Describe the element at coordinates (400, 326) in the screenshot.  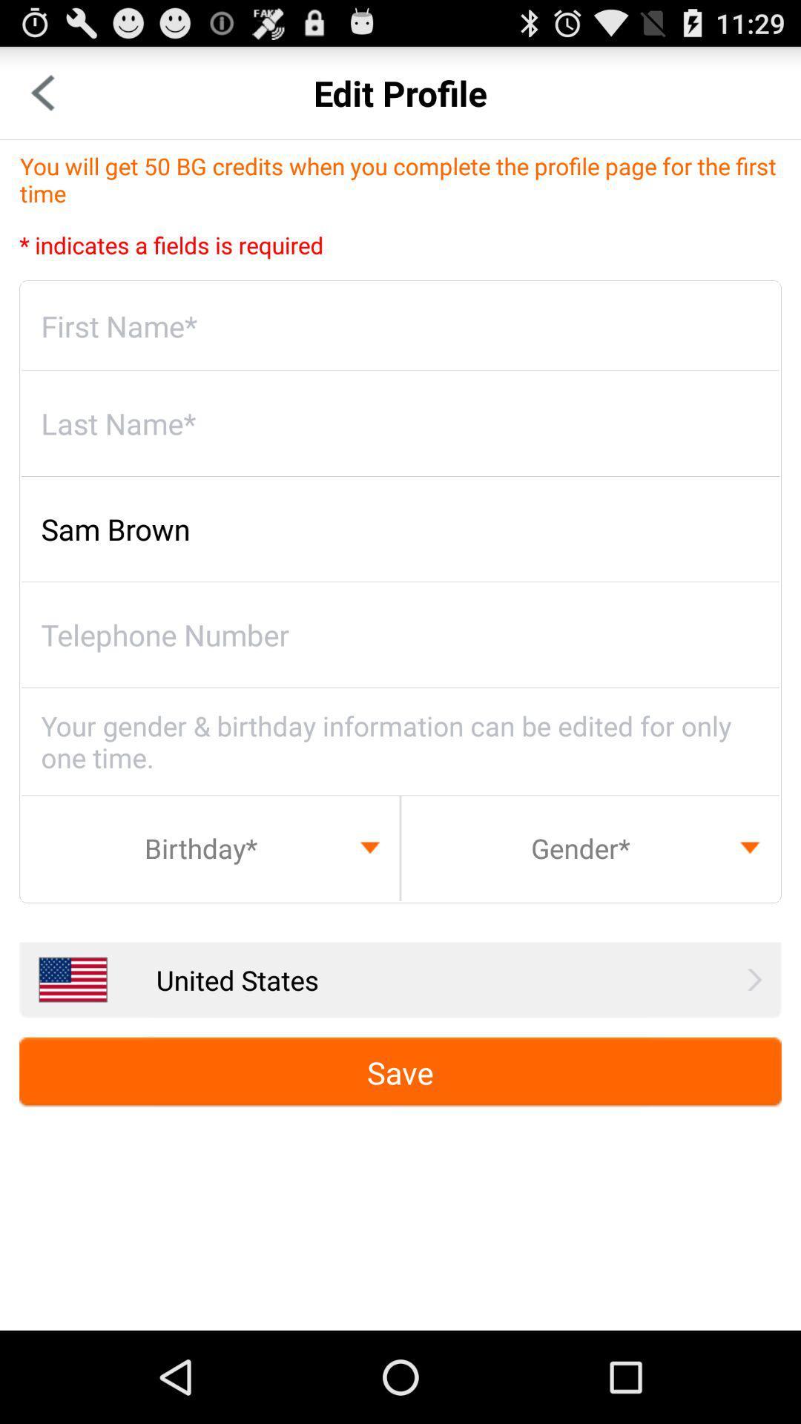
I see `a text` at that location.